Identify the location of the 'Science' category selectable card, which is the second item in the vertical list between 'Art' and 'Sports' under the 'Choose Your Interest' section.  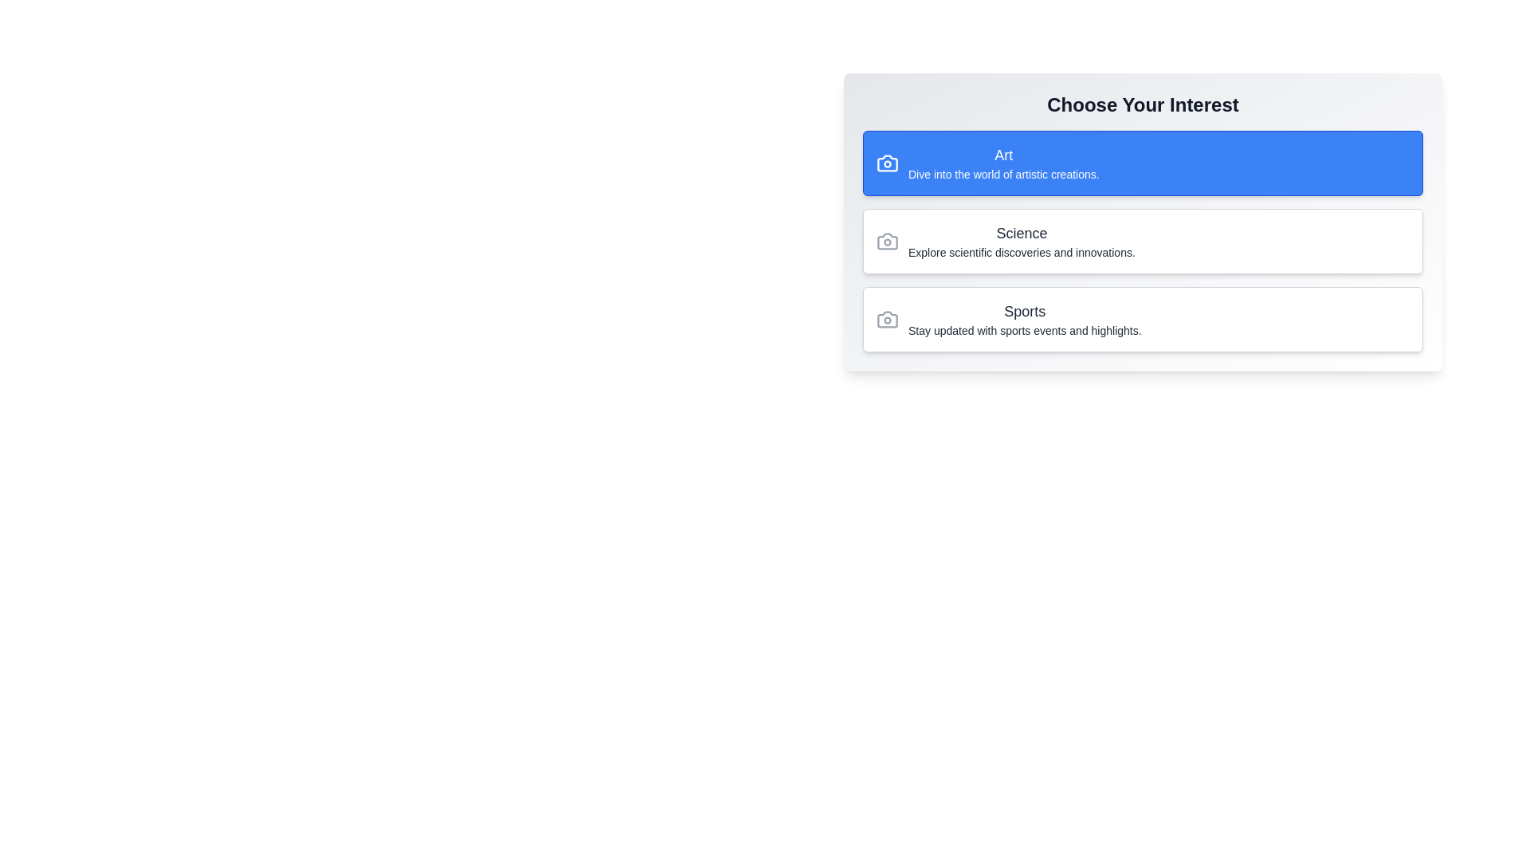
(1142, 242).